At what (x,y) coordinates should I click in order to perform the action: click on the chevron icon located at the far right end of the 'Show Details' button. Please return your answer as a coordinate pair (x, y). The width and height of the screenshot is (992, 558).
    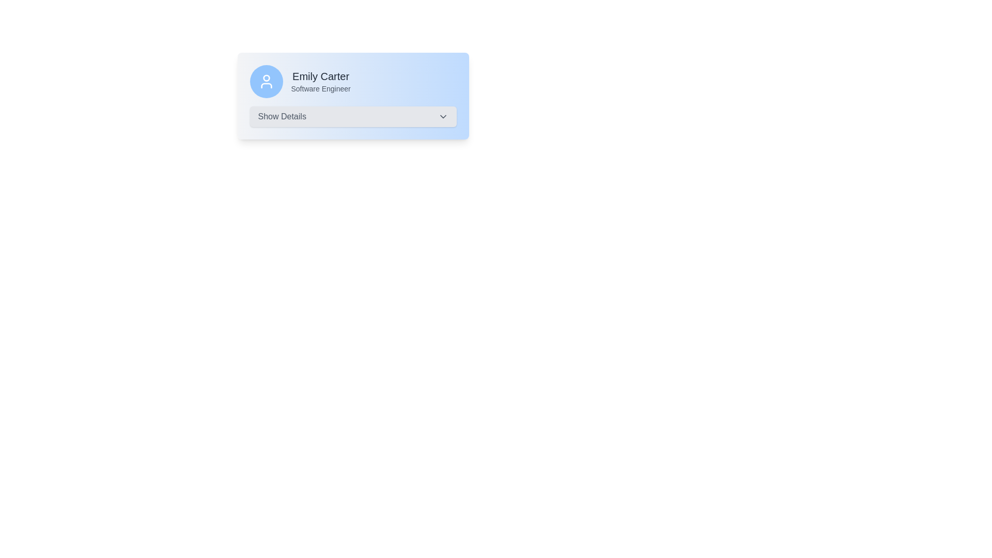
    Looking at the image, I should click on (443, 116).